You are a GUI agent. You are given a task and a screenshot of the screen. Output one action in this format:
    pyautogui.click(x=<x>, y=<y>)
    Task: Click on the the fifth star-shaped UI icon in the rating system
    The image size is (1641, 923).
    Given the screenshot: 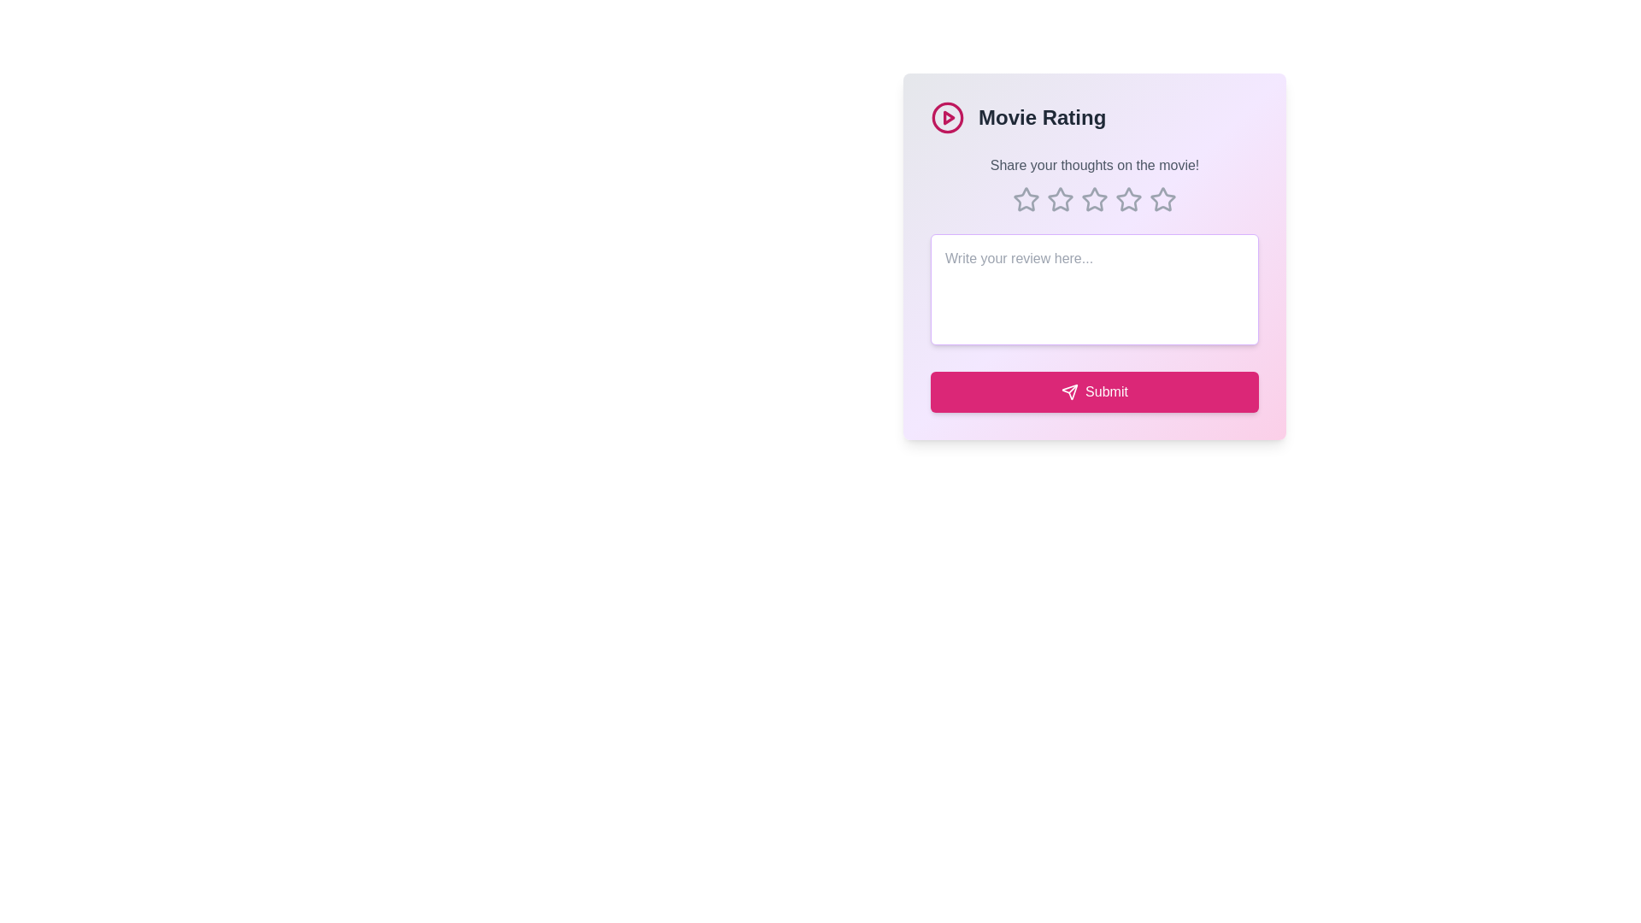 What is the action you would take?
    pyautogui.click(x=1162, y=199)
    